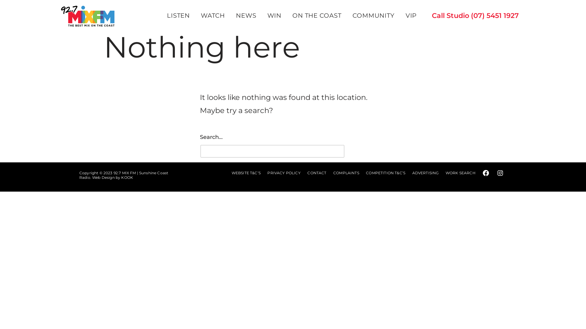 The height and width of the screenshot is (329, 586). Describe the element at coordinates (246, 15) in the screenshot. I see `'NEWS'` at that location.